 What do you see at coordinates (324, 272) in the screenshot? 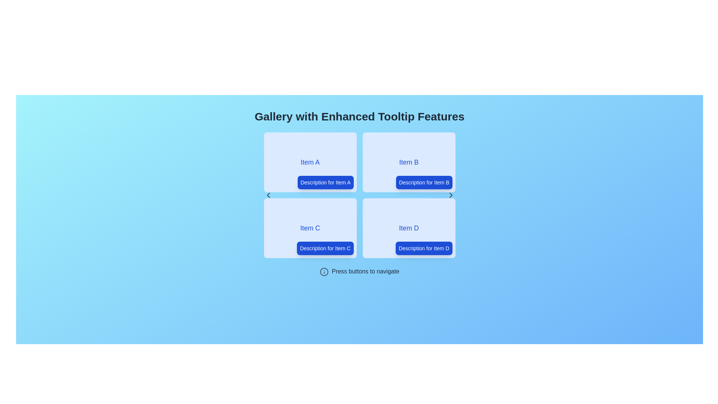
I see `the circular SVG element located in the bottom area of the interface, which resembles an icon` at bounding box center [324, 272].